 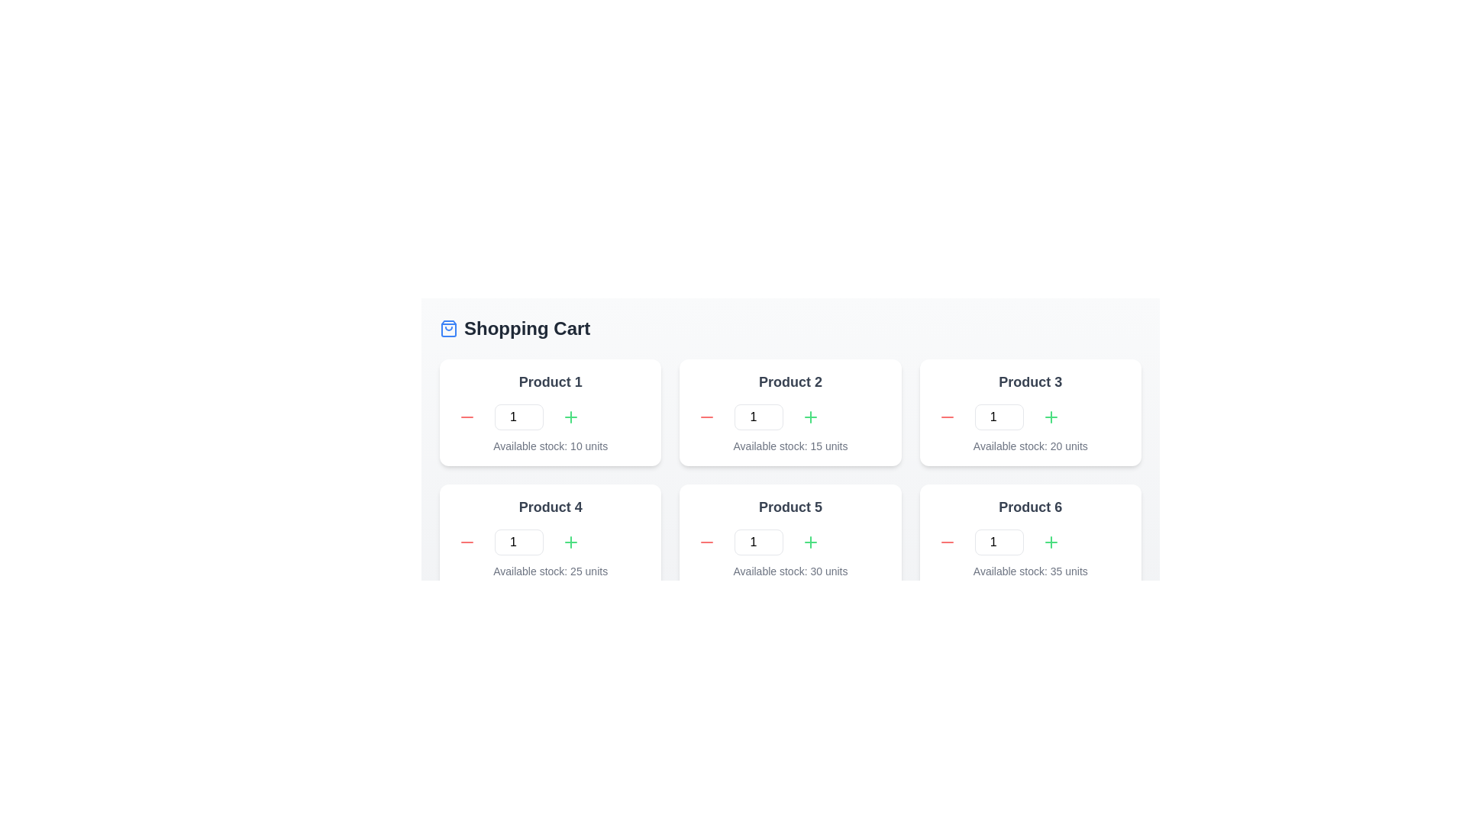 What do you see at coordinates (550, 507) in the screenshot?
I see `text label that identifies 'Product 4' located at the top of the card in the second row and first column of the grid layout` at bounding box center [550, 507].